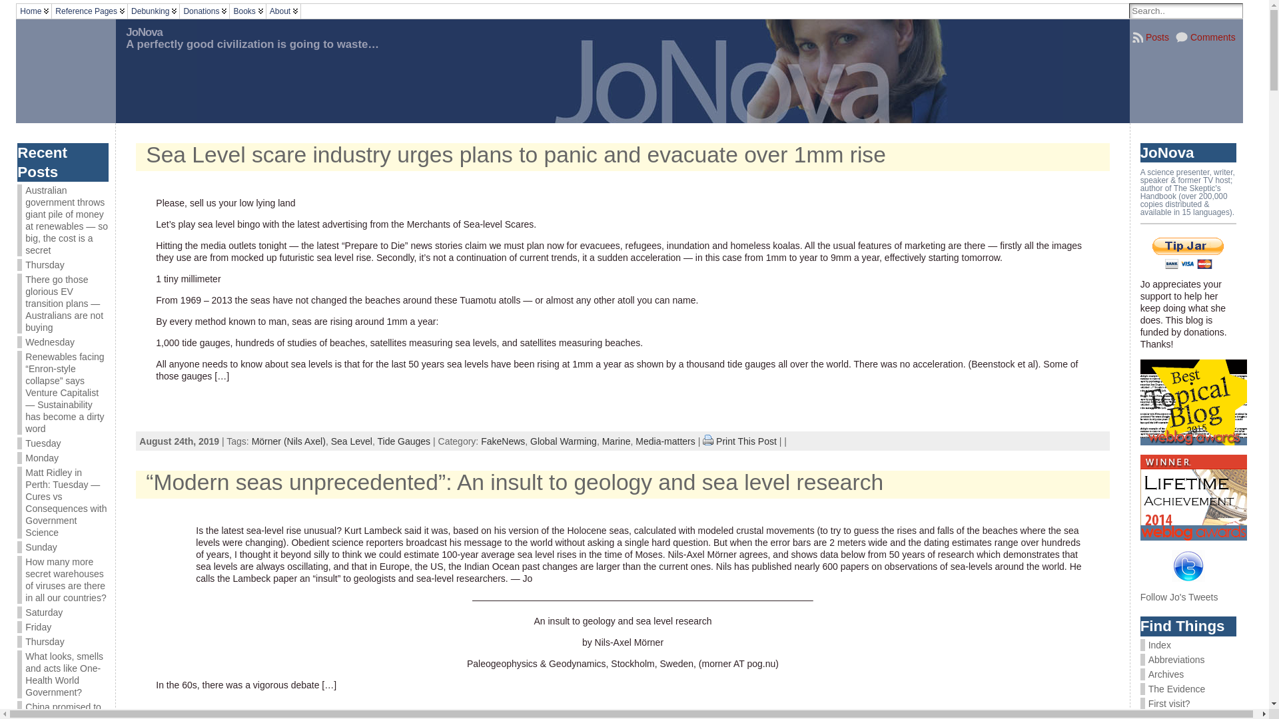 The image size is (1279, 719). I want to click on 'Posts', so click(1150, 37).